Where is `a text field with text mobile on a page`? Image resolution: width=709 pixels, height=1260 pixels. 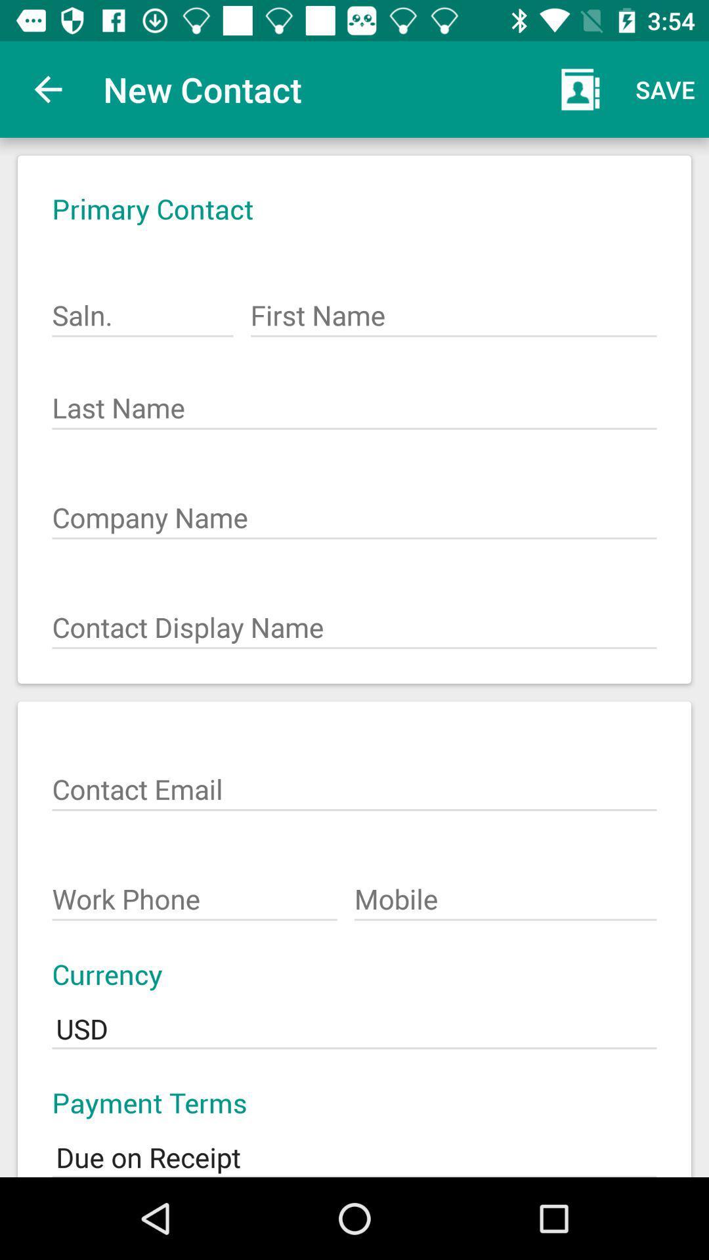
a text field with text mobile on a page is located at coordinates (505, 892).